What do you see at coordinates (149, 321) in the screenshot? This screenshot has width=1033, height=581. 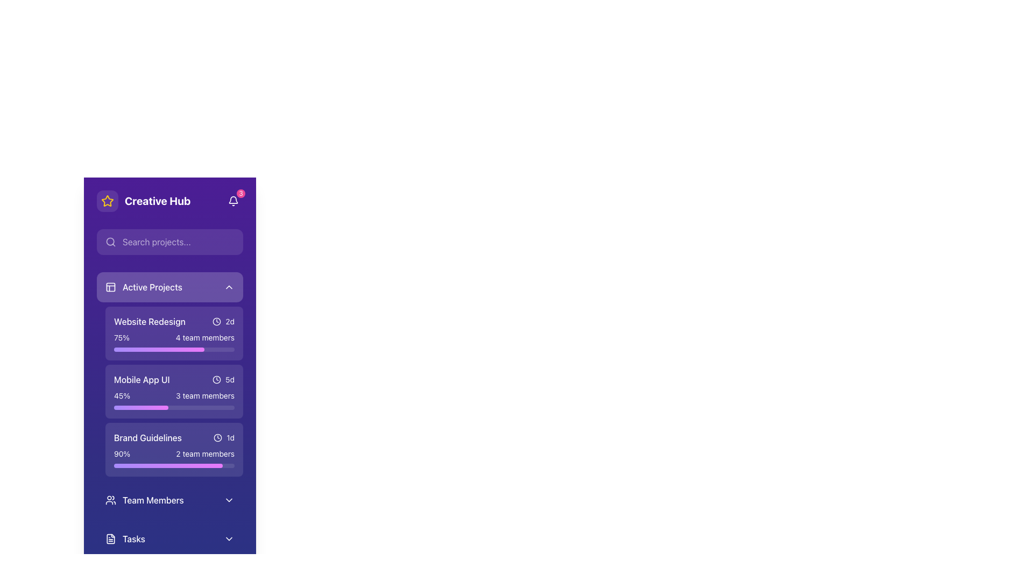 I see `the 'Website Redesign' text label in the 'Active Projects' section of the sidebar` at bounding box center [149, 321].